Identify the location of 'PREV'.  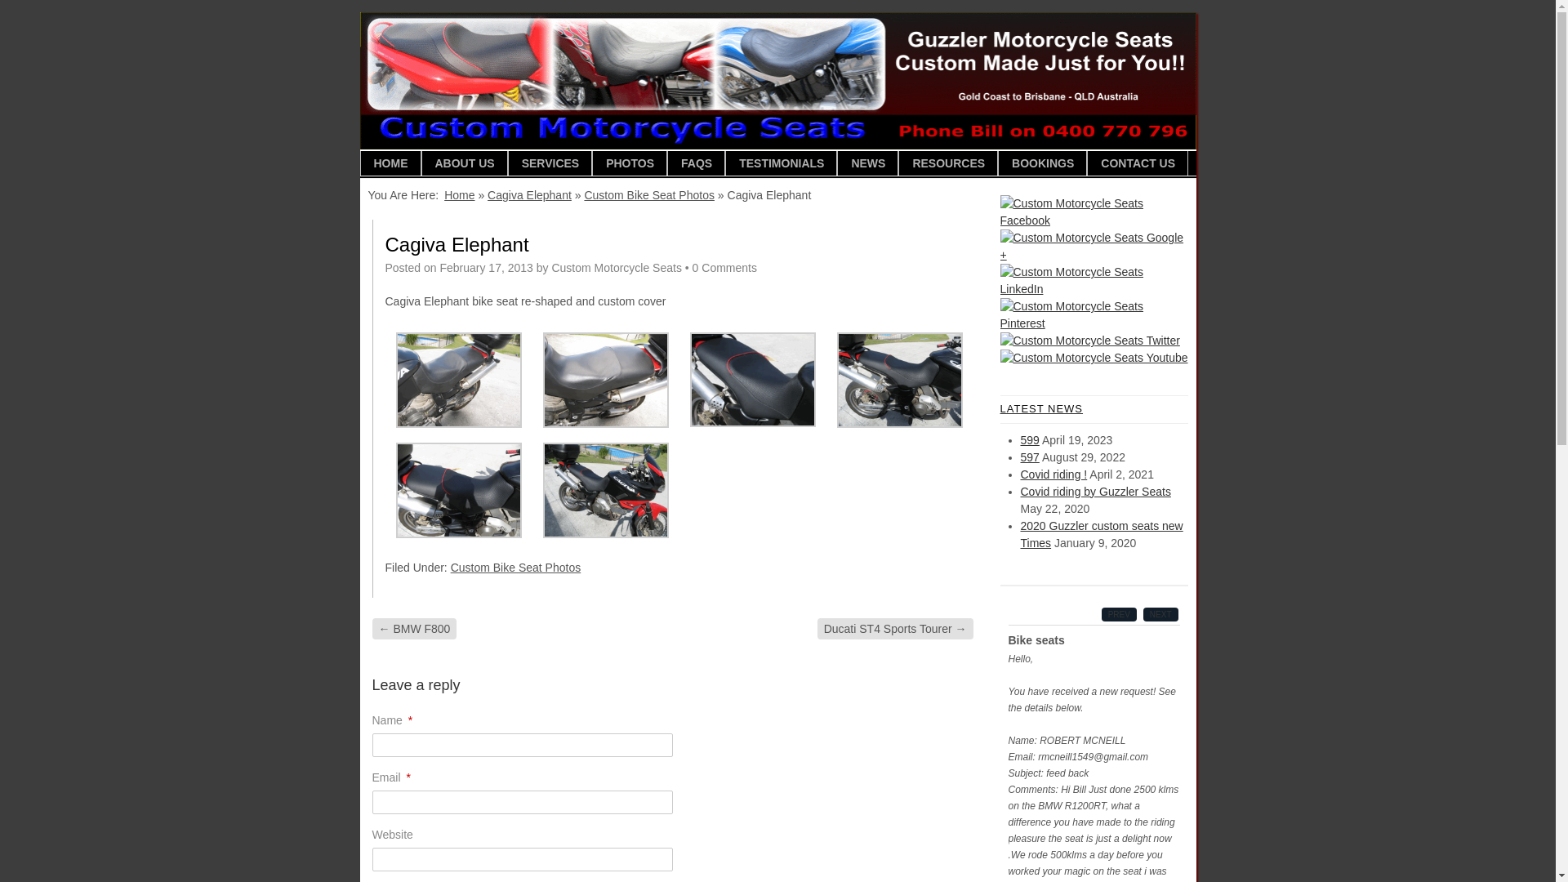
(1118, 614).